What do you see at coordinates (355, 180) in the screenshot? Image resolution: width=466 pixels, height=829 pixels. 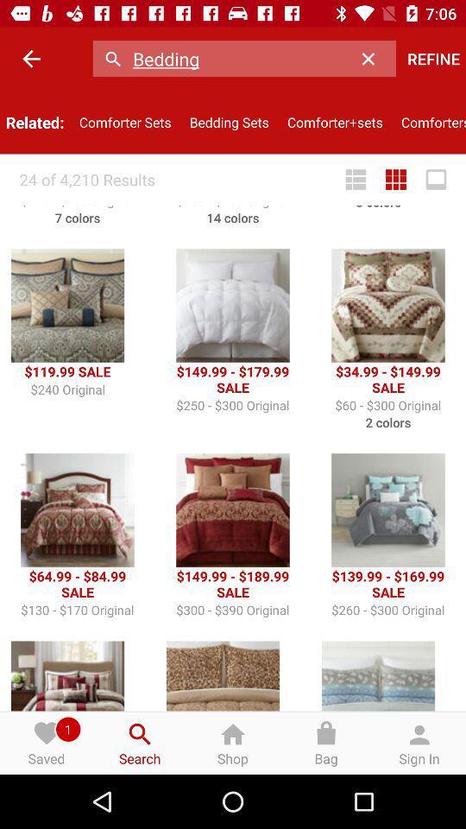 I see `icon next to the 24 of 4 item` at bounding box center [355, 180].